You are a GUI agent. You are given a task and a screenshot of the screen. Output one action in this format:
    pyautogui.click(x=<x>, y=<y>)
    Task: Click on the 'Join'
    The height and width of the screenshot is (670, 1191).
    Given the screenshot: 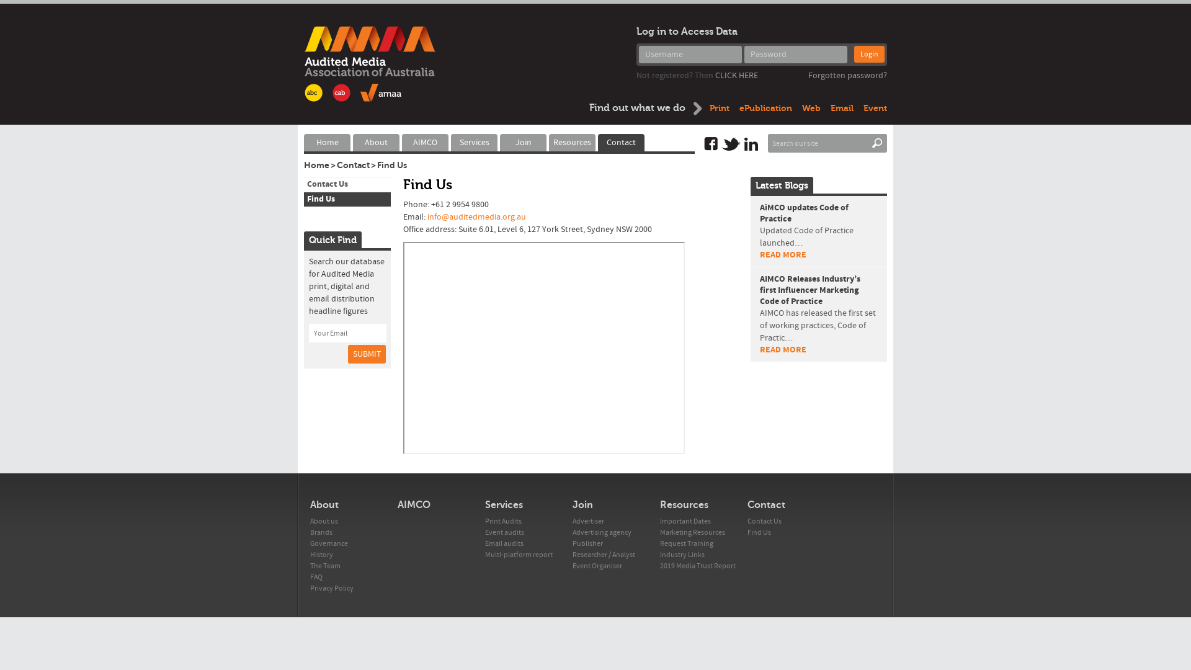 What is the action you would take?
    pyautogui.click(x=582, y=504)
    